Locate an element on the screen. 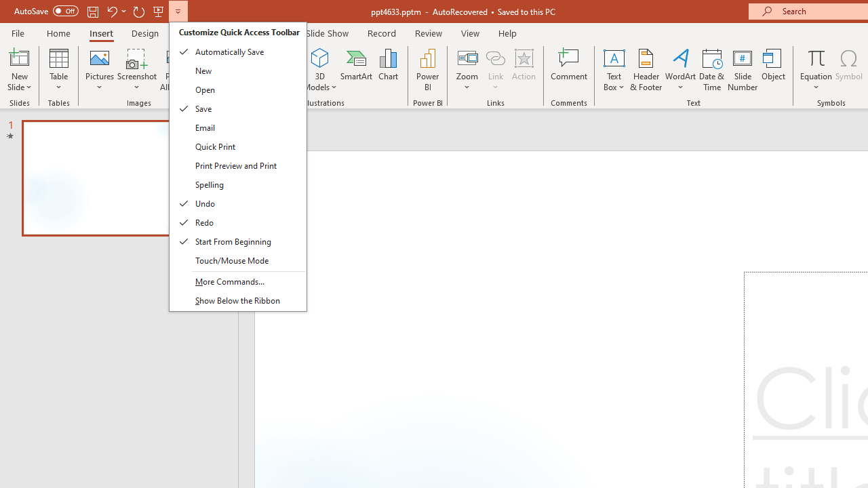 This screenshot has height=488, width=868. 'WordArt' is located at coordinates (681, 70).